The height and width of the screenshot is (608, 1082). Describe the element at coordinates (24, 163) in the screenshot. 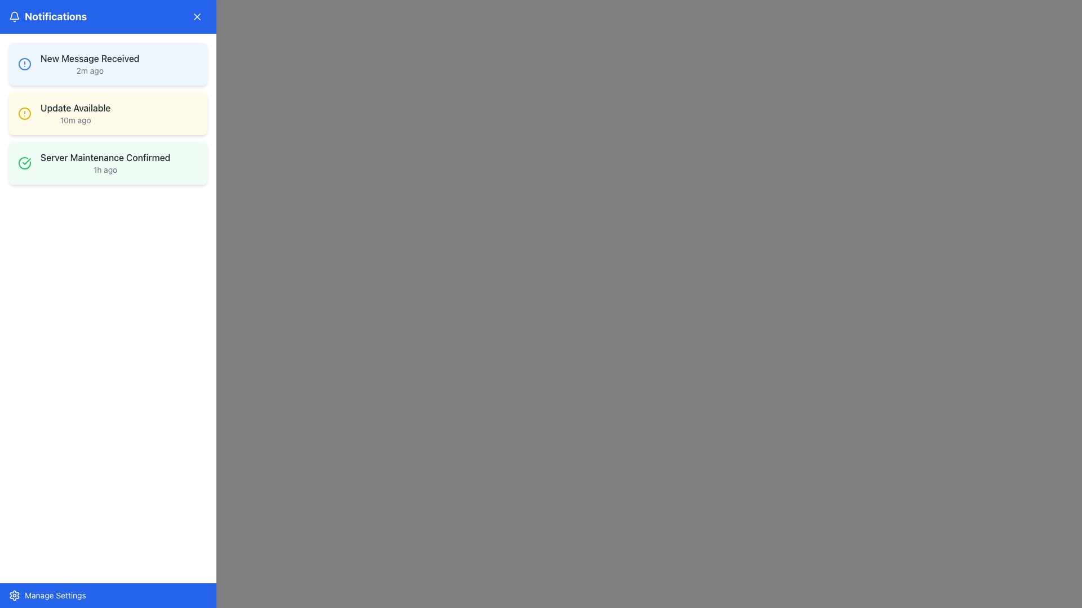

I see `the green circle icon with a checkmark indicating the completion status of 'Server Maintenance' next to the notification titled 'Server Maintenance Confirmed'` at that location.